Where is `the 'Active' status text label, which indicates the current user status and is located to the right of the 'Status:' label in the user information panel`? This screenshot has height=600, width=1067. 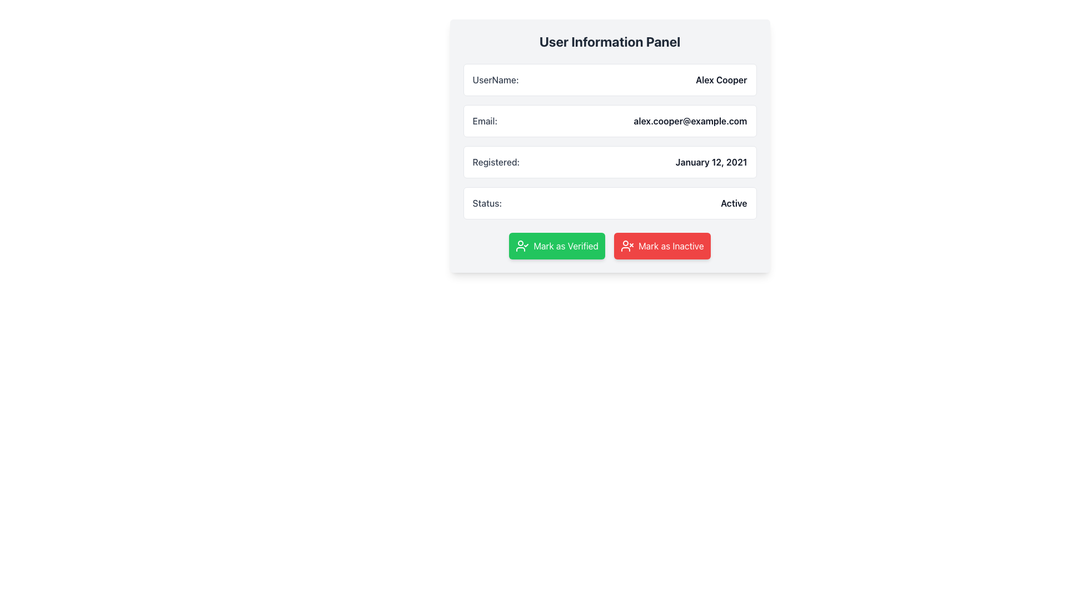 the 'Active' status text label, which indicates the current user status and is located to the right of the 'Status:' label in the user information panel is located at coordinates (734, 203).